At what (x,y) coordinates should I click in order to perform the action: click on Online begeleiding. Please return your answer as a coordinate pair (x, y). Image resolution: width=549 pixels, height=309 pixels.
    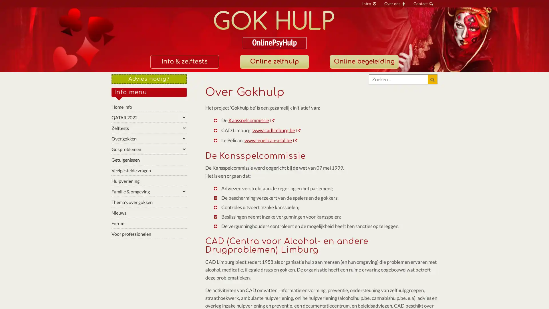
    Looking at the image, I should click on (363, 62).